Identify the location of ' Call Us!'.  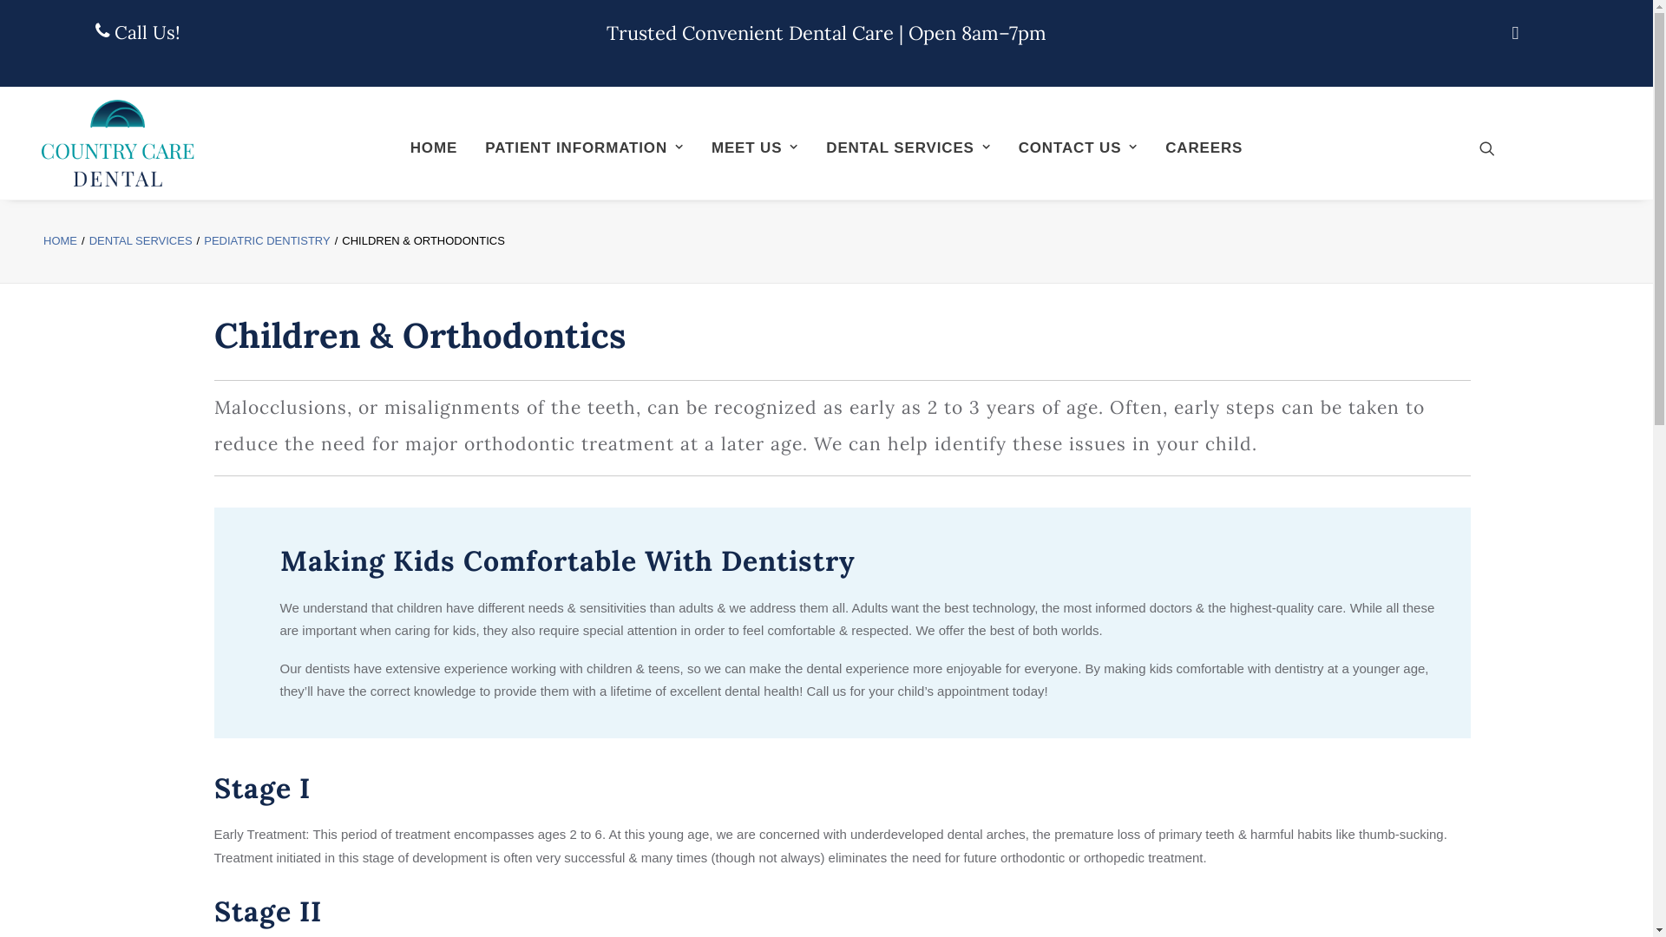
(136, 32).